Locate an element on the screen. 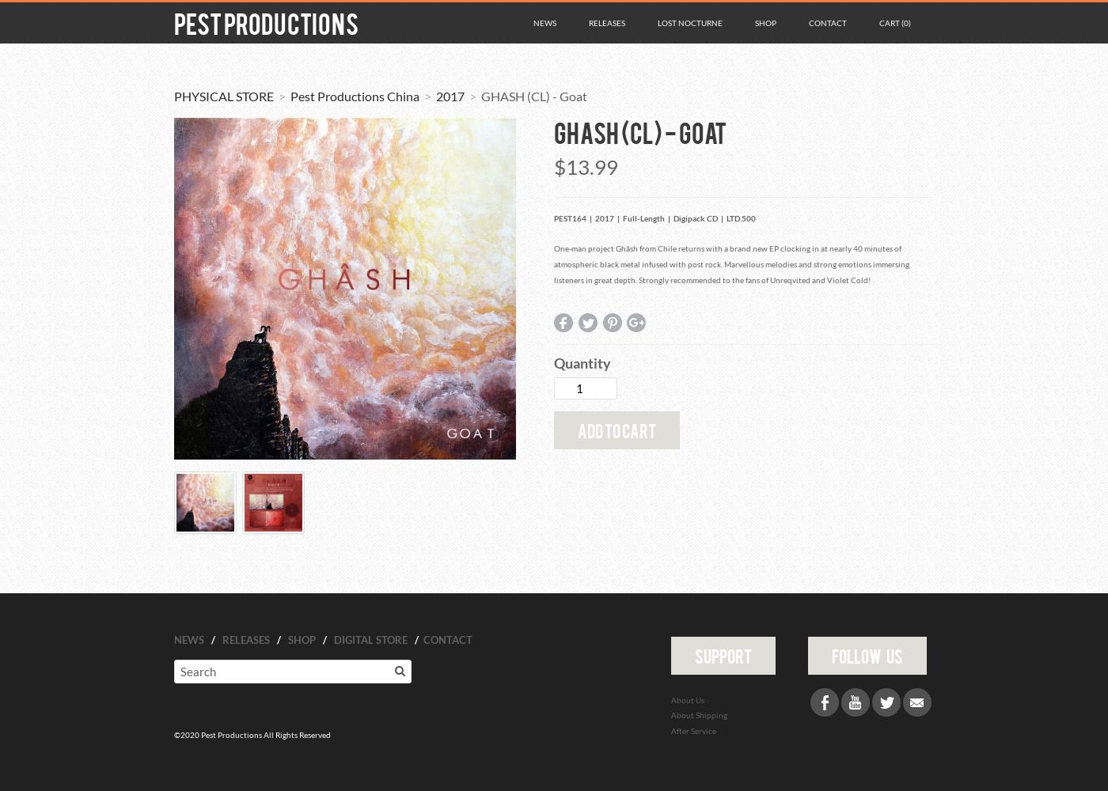 Image resolution: width=1108 pixels, height=791 pixels. 'After Service' is located at coordinates (692, 730).